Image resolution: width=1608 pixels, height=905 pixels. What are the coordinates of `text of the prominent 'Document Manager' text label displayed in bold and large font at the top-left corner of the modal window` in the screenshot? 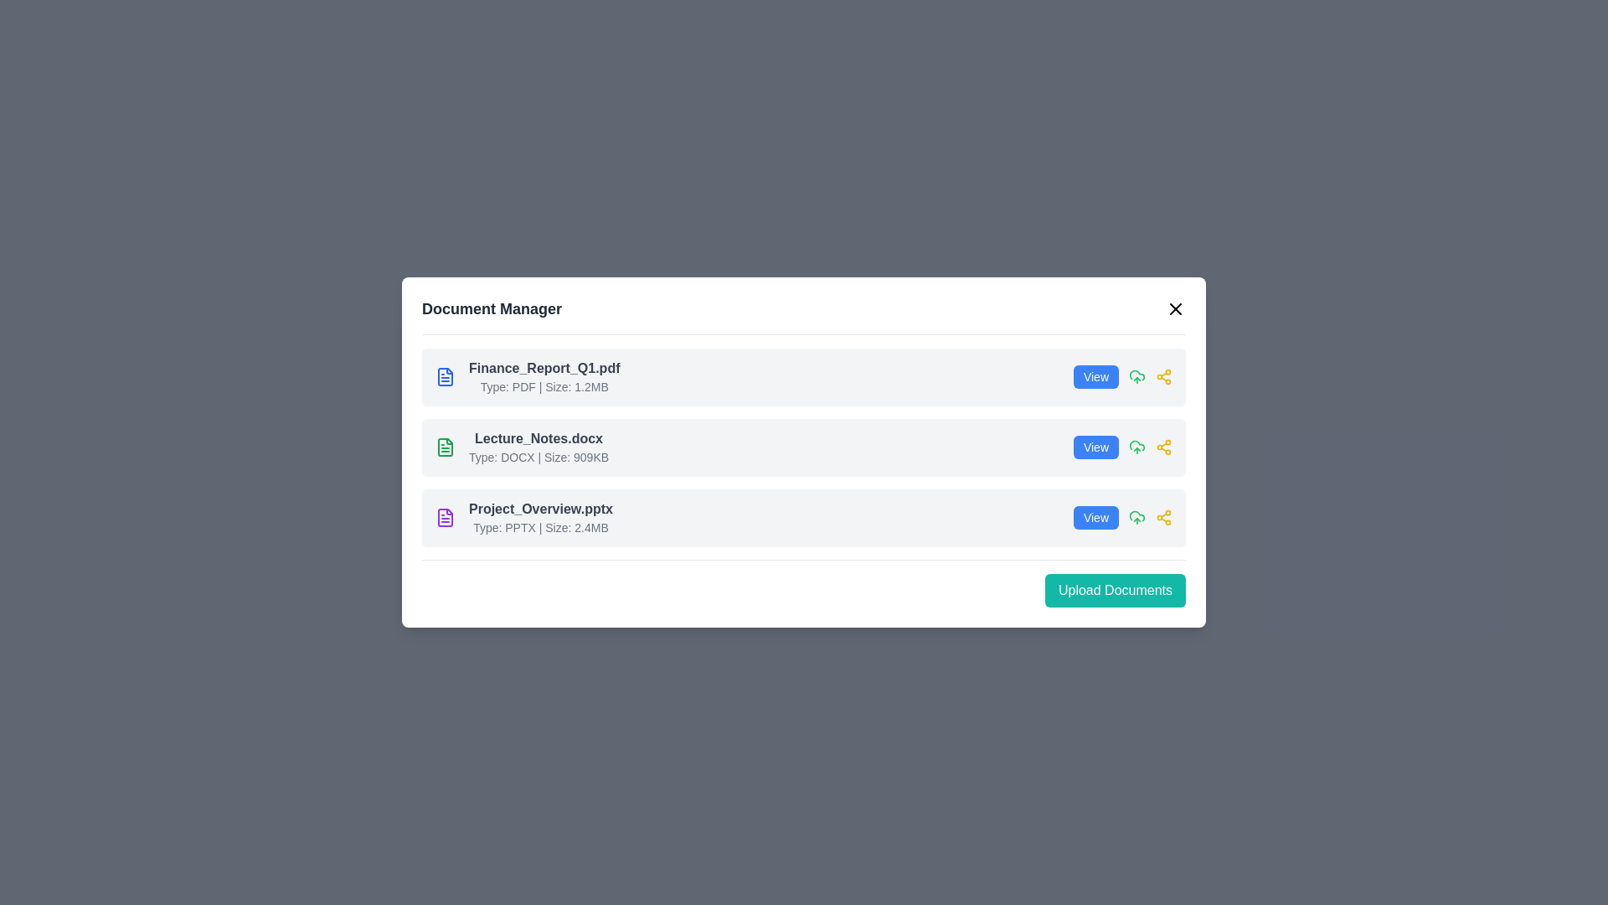 It's located at (491, 309).